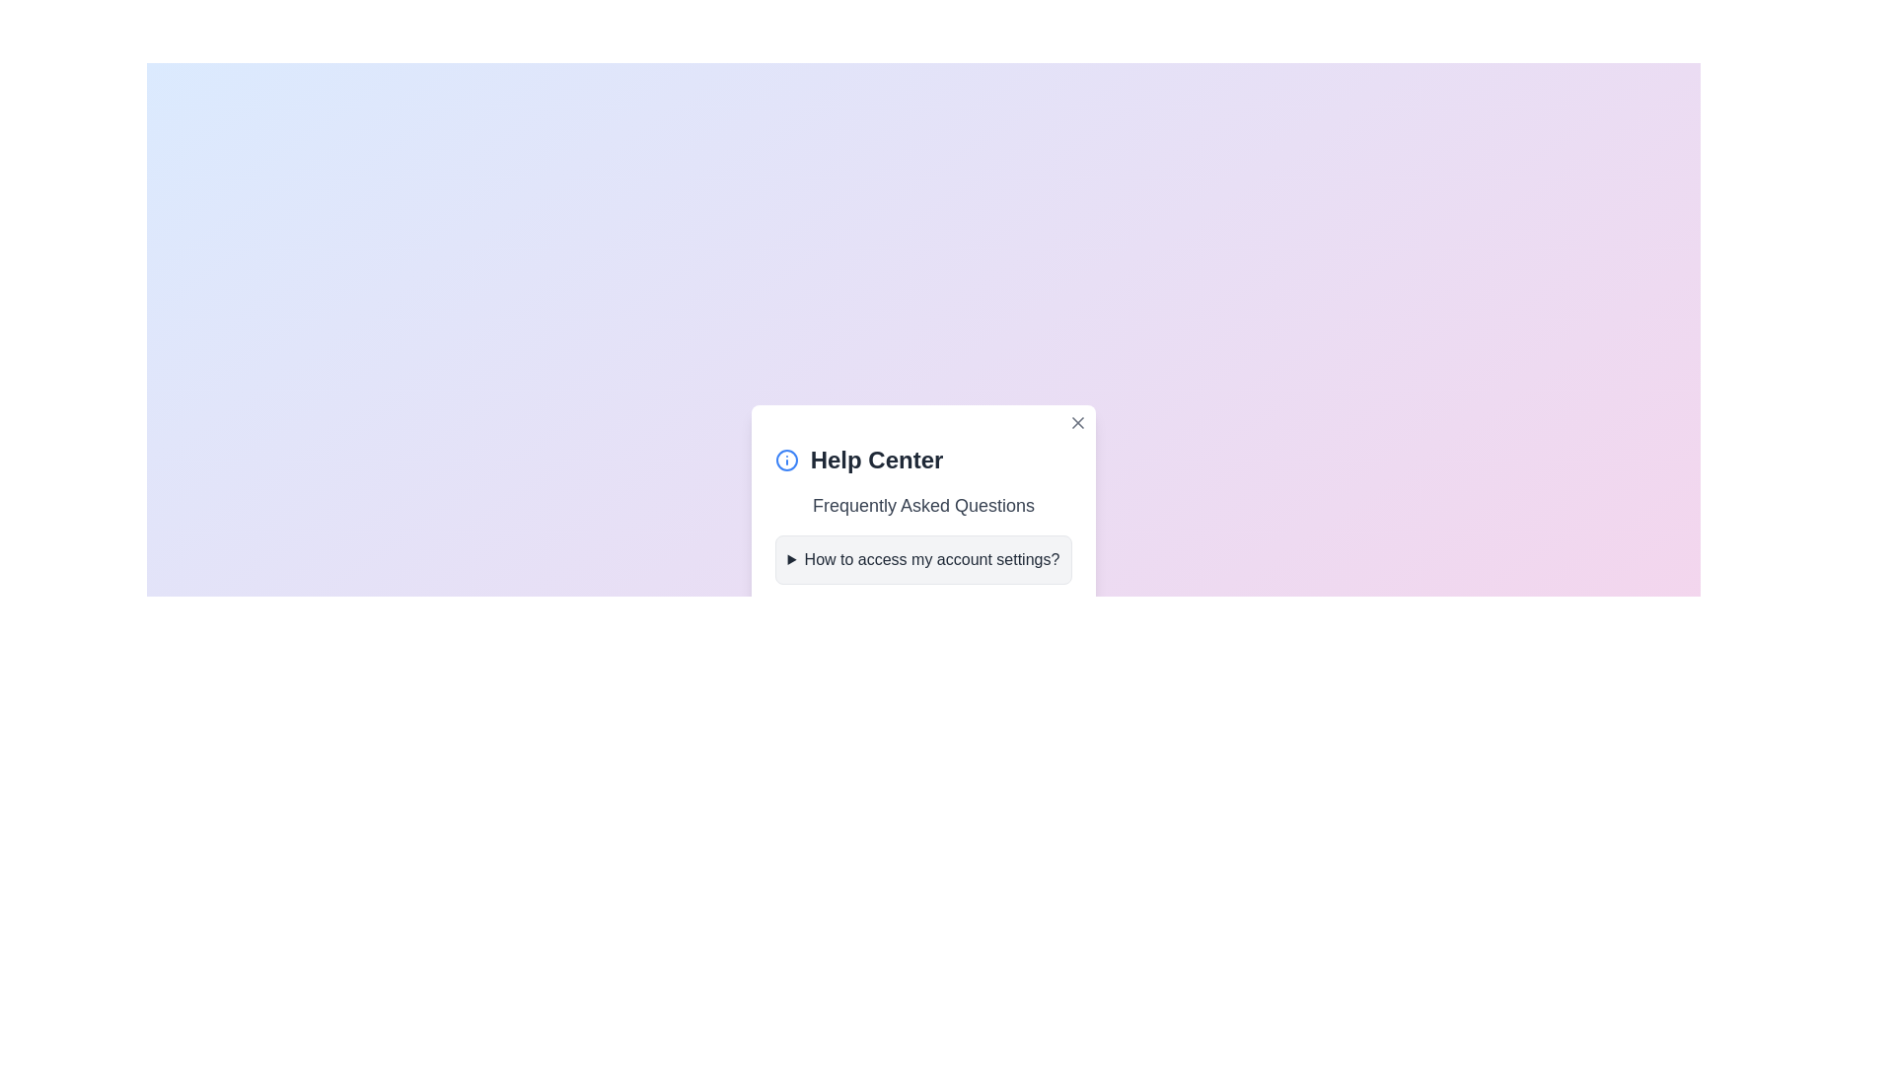  Describe the element at coordinates (785, 460) in the screenshot. I see `the icon indicating information or assistance located on the left side of the 'Help Center' section within the modal window, adjacent to the title text 'Help Center'` at that location.